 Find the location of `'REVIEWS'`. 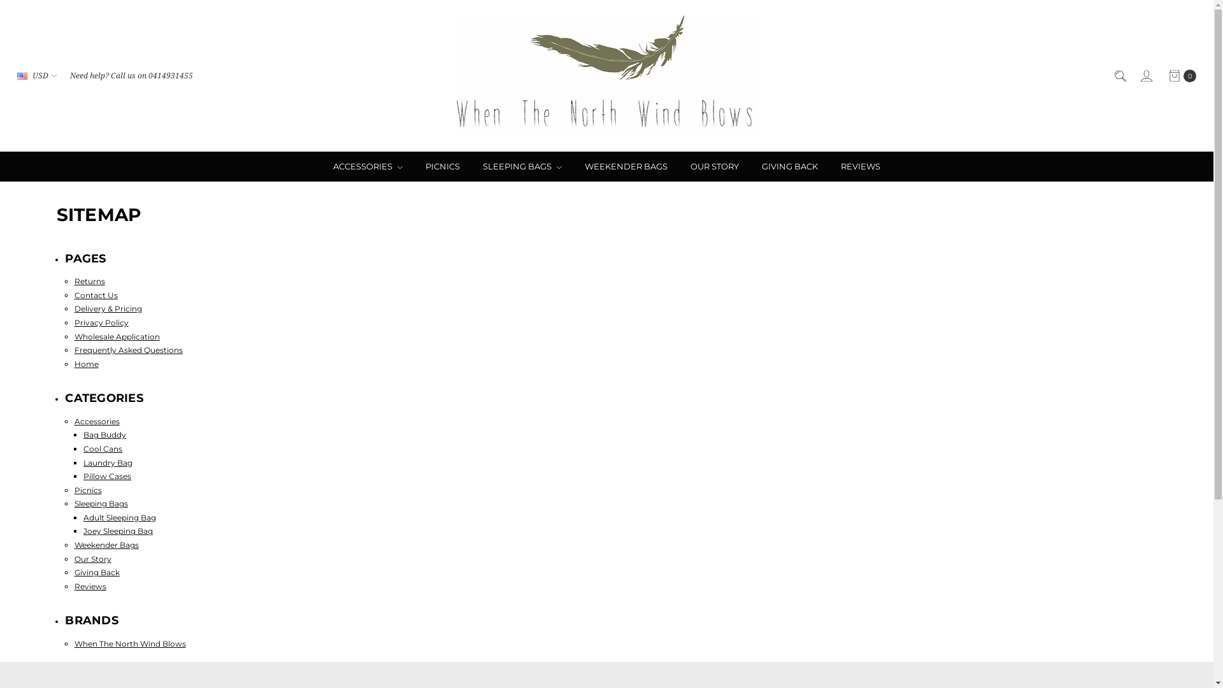

'REVIEWS' is located at coordinates (860, 166).